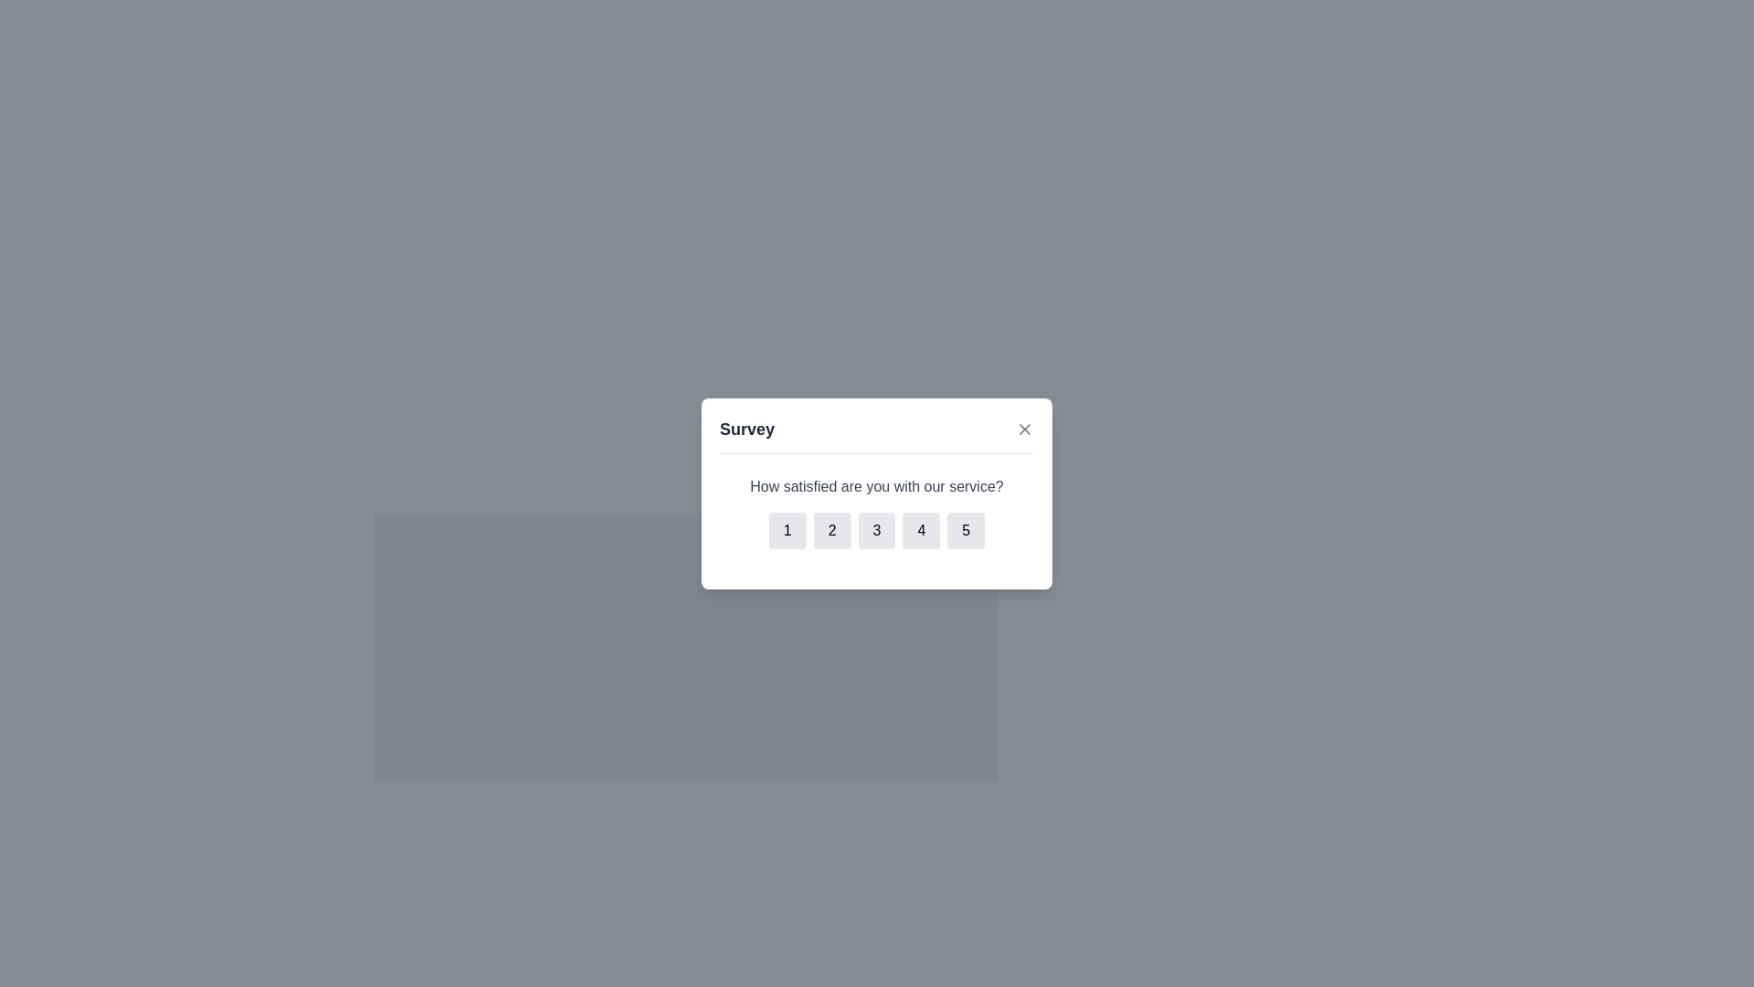 The image size is (1754, 987). I want to click on the interactive rating interface buttons located centrally in the modal below the title 'Survey', so click(877, 511).